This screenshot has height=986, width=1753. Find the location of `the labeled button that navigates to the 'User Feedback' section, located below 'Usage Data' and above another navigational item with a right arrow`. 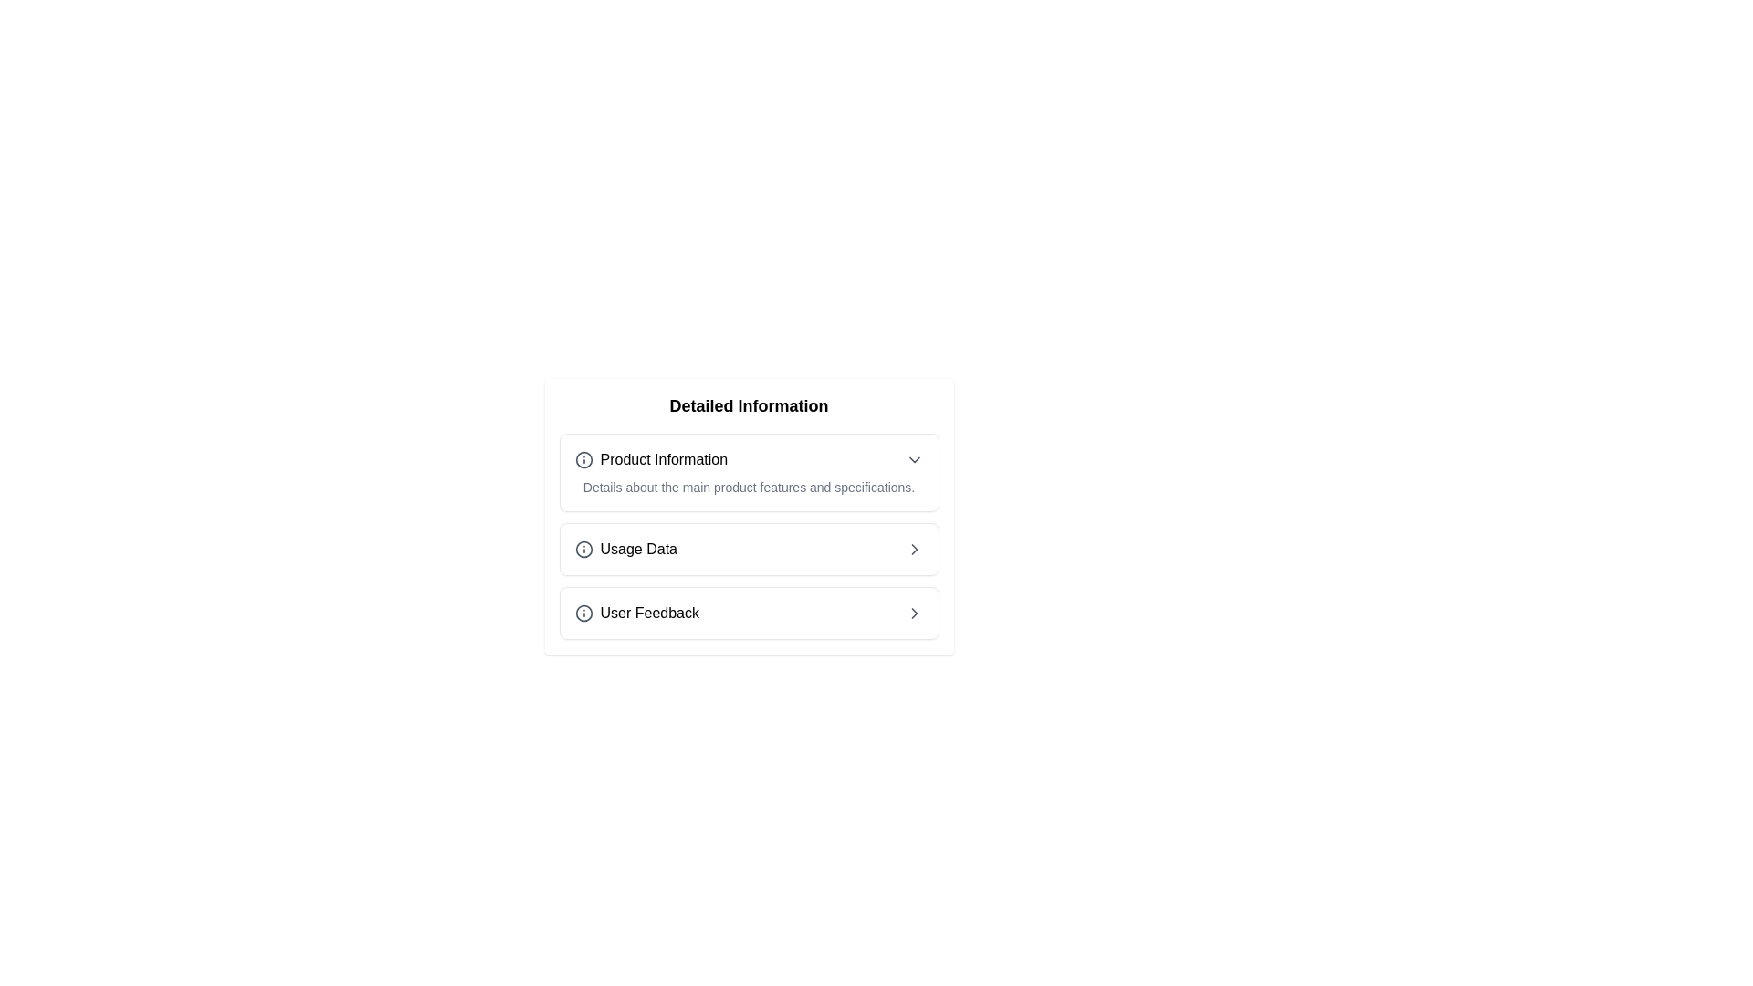

the labeled button that navigates to the 'User Feedback' section, located below 'Usage Data' and above another navigational item with a right arrow is located at coordinates (636, 613).